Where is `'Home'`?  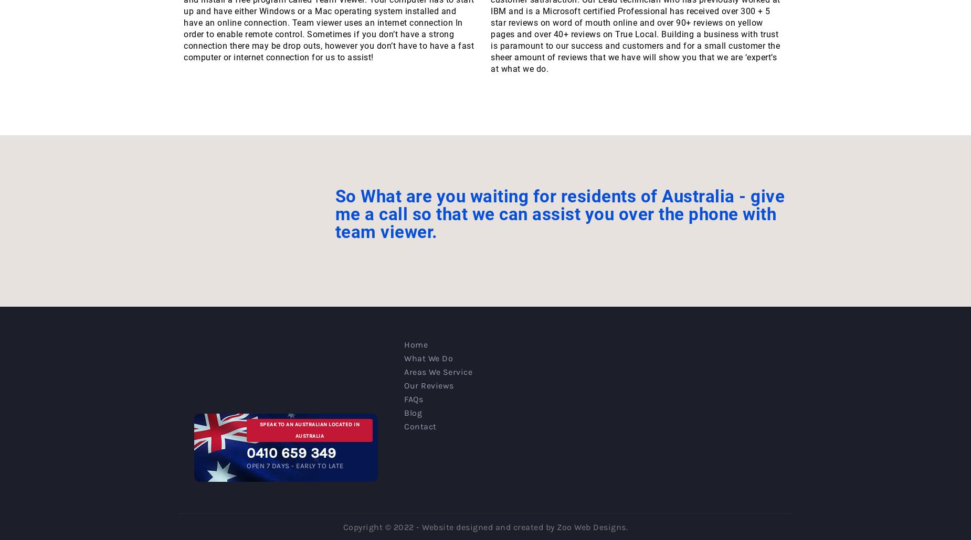 'Home' is located at coordinates (404, 343).